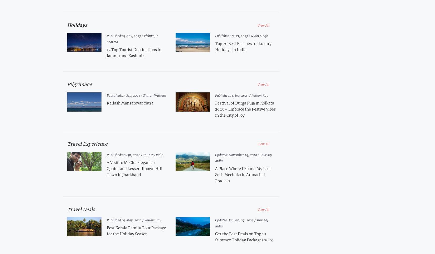 The image size is (435, 254). What do you see at coordinates (240, 36) in the screenshot?
I see `'18 Oct, 2023 /'` at bounding box center [240, 36].